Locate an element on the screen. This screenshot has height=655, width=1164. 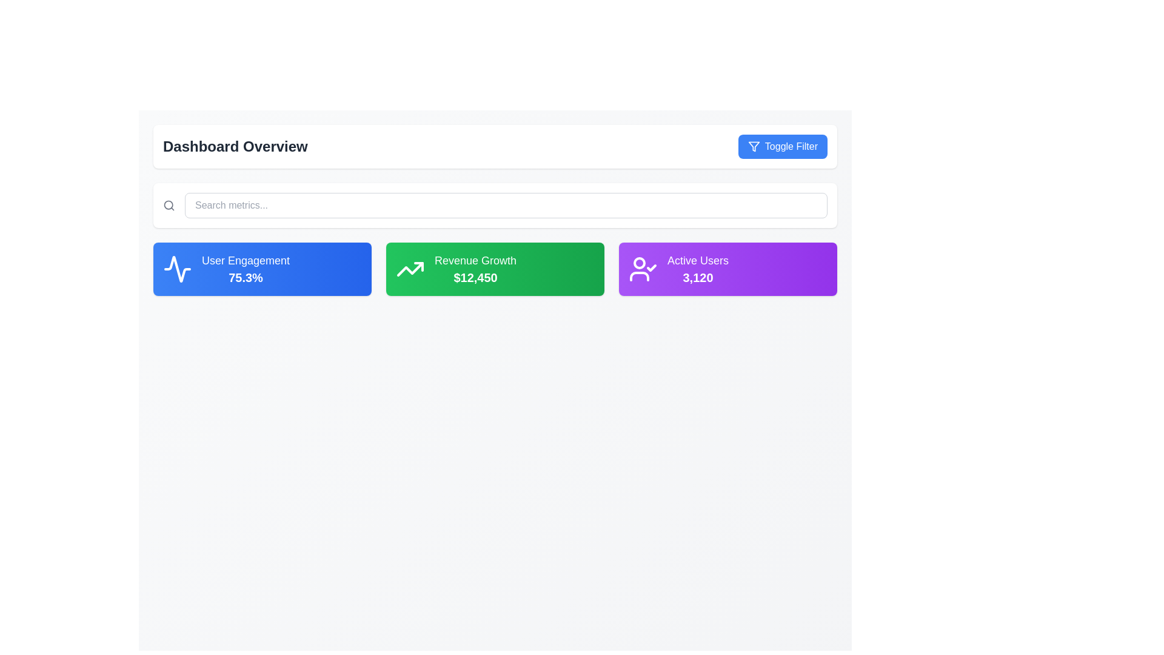
the Data display card that shows 'Active Users' with the number '3,120' in a bold font, located in the bottom right section of the interface is located at coordinates (698, 268).